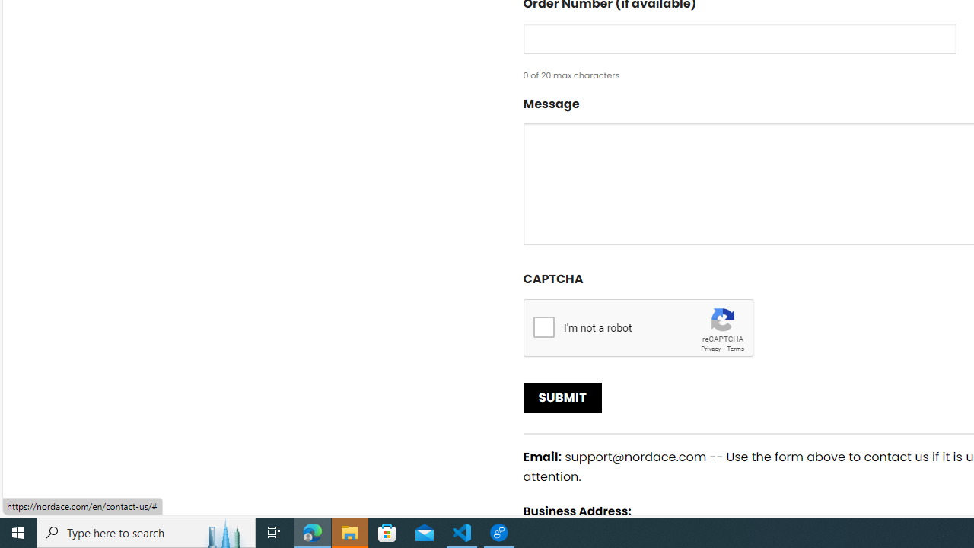 The image size is (974, 548). Describe the element at coordinates (562, 397) in the screenshot. I see `'Submit'` at that location.